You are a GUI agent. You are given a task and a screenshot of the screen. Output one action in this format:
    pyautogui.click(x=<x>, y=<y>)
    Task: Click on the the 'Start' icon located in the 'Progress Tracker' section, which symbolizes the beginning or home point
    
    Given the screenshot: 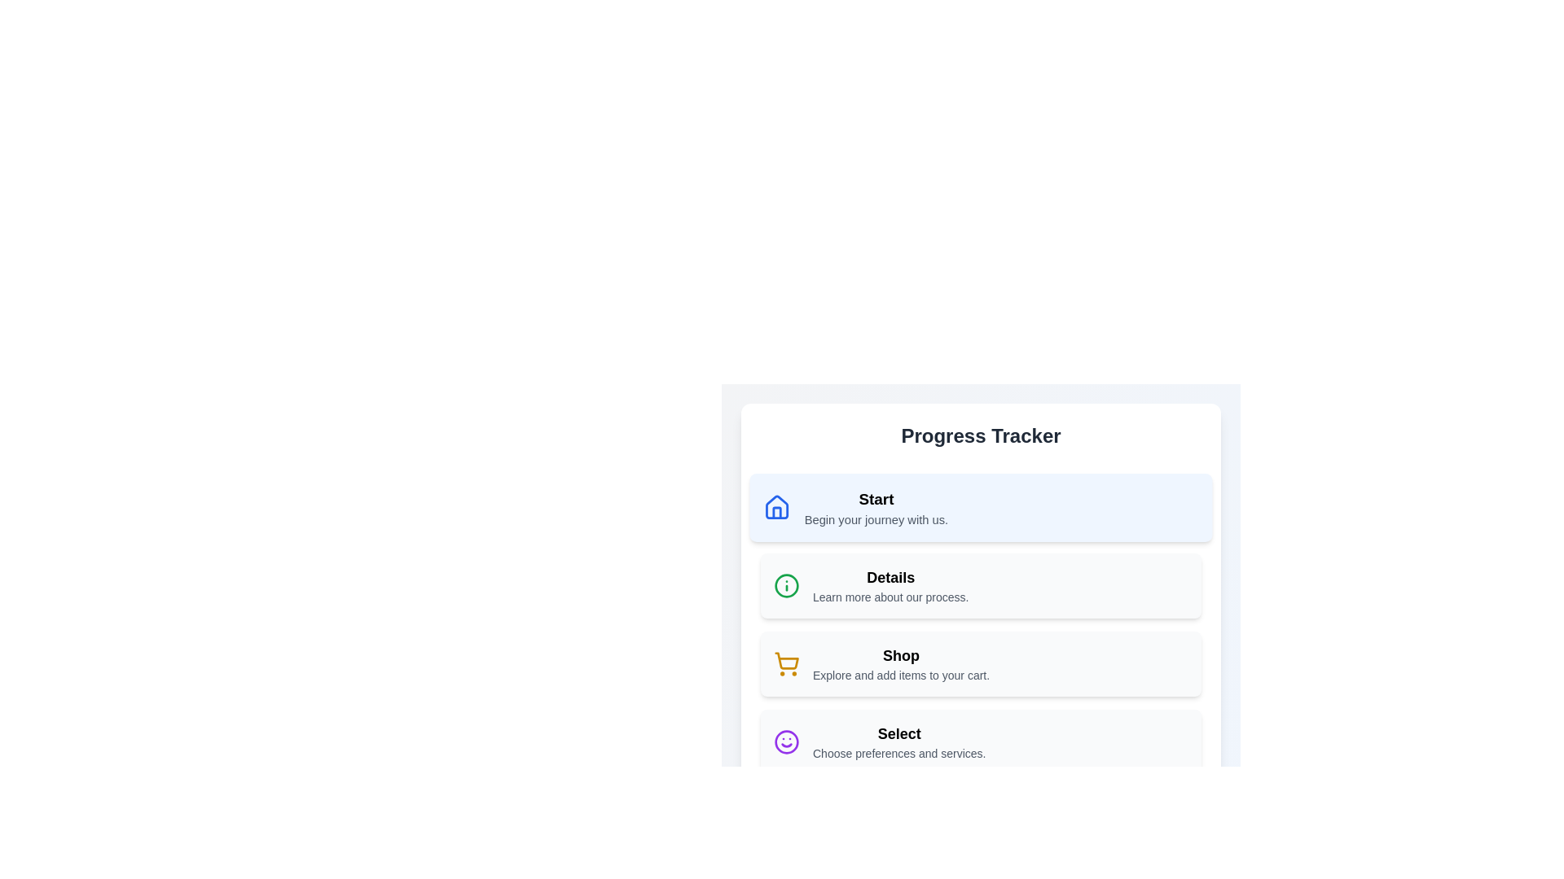 What is the action you would take?
    pyautogui.click(x=776, y=507)
    